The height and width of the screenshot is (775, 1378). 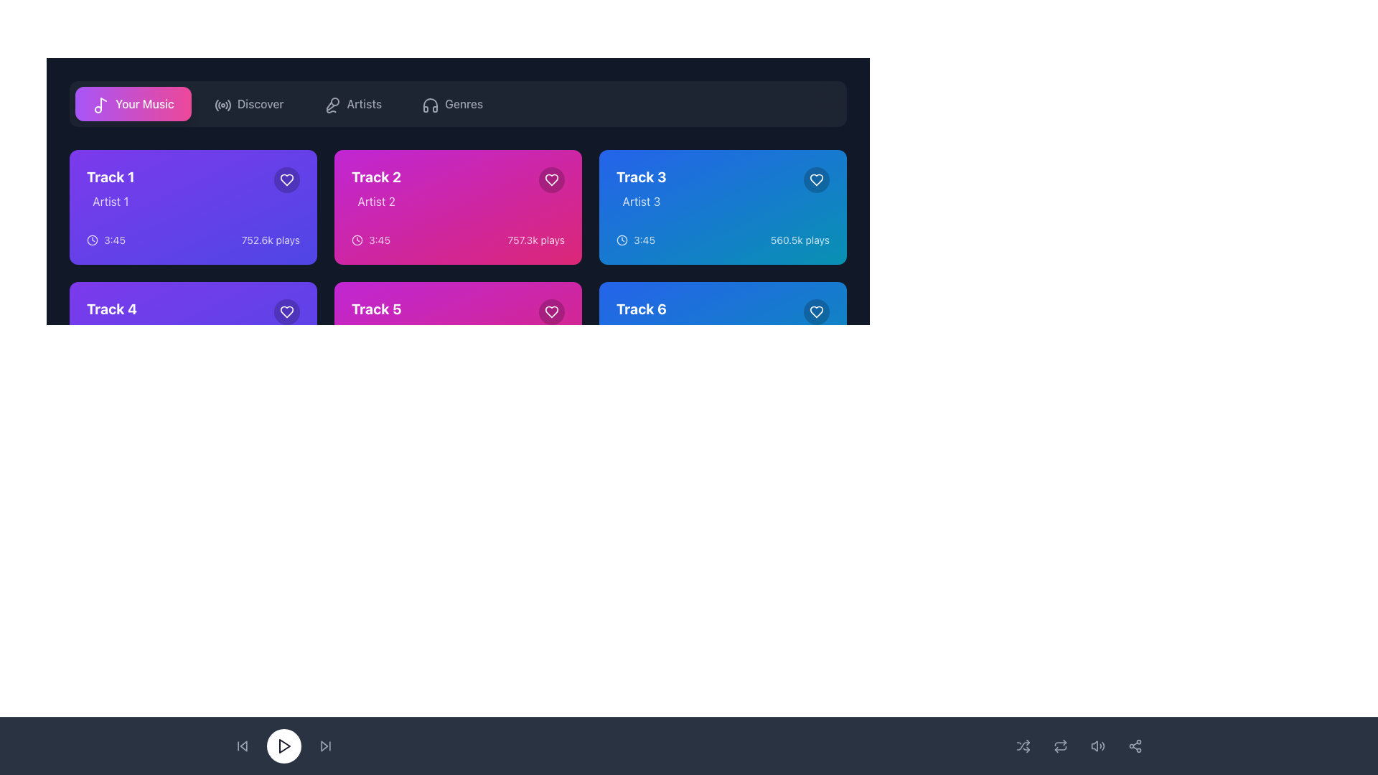 I want to click on the 'Discover' icon button located in the top navigation bar, so click(x=222, y=104).